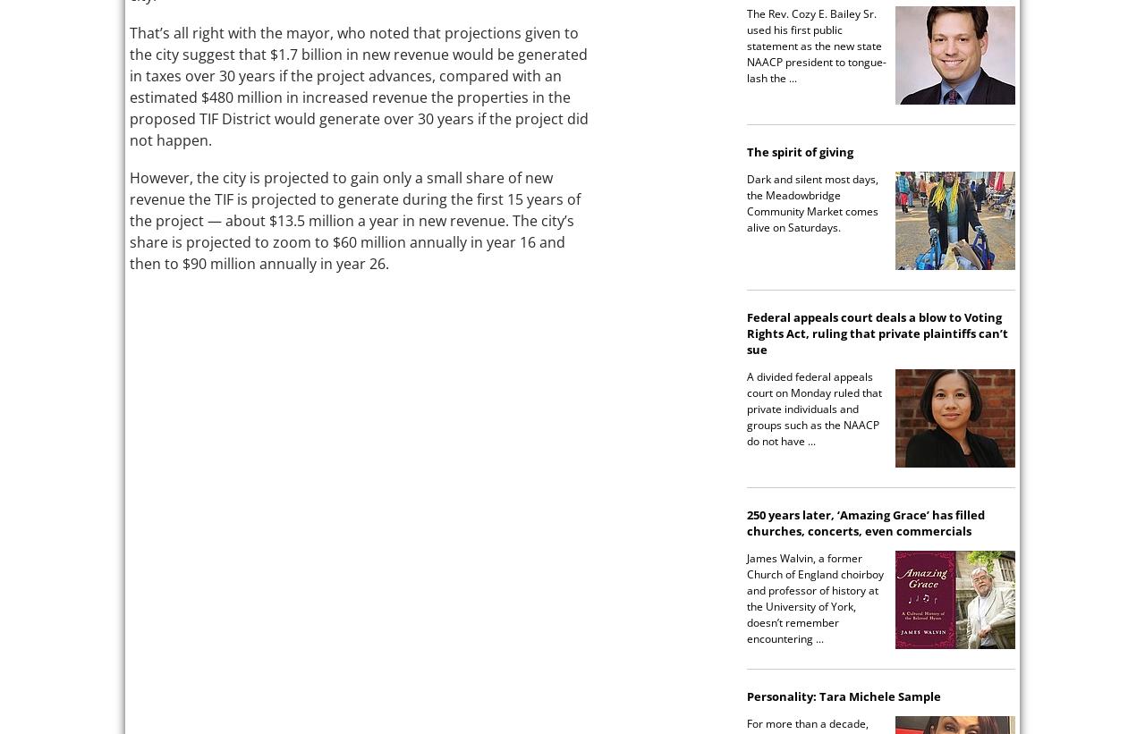 The width and height of the screenshot is (1145, 734). Describe the element at coordinates (358, 84) in the screenshot. I see `'That’s all right with the mayor, who noted that projections given to the city suggest that $1.7 billion in new revenue would be generated in taxes over 30 years if the project advances, compared with an estimated $480 million in increased revenue the properties in the proposed TIF District would generate over 30 years if the project did not happen.'` at that location.